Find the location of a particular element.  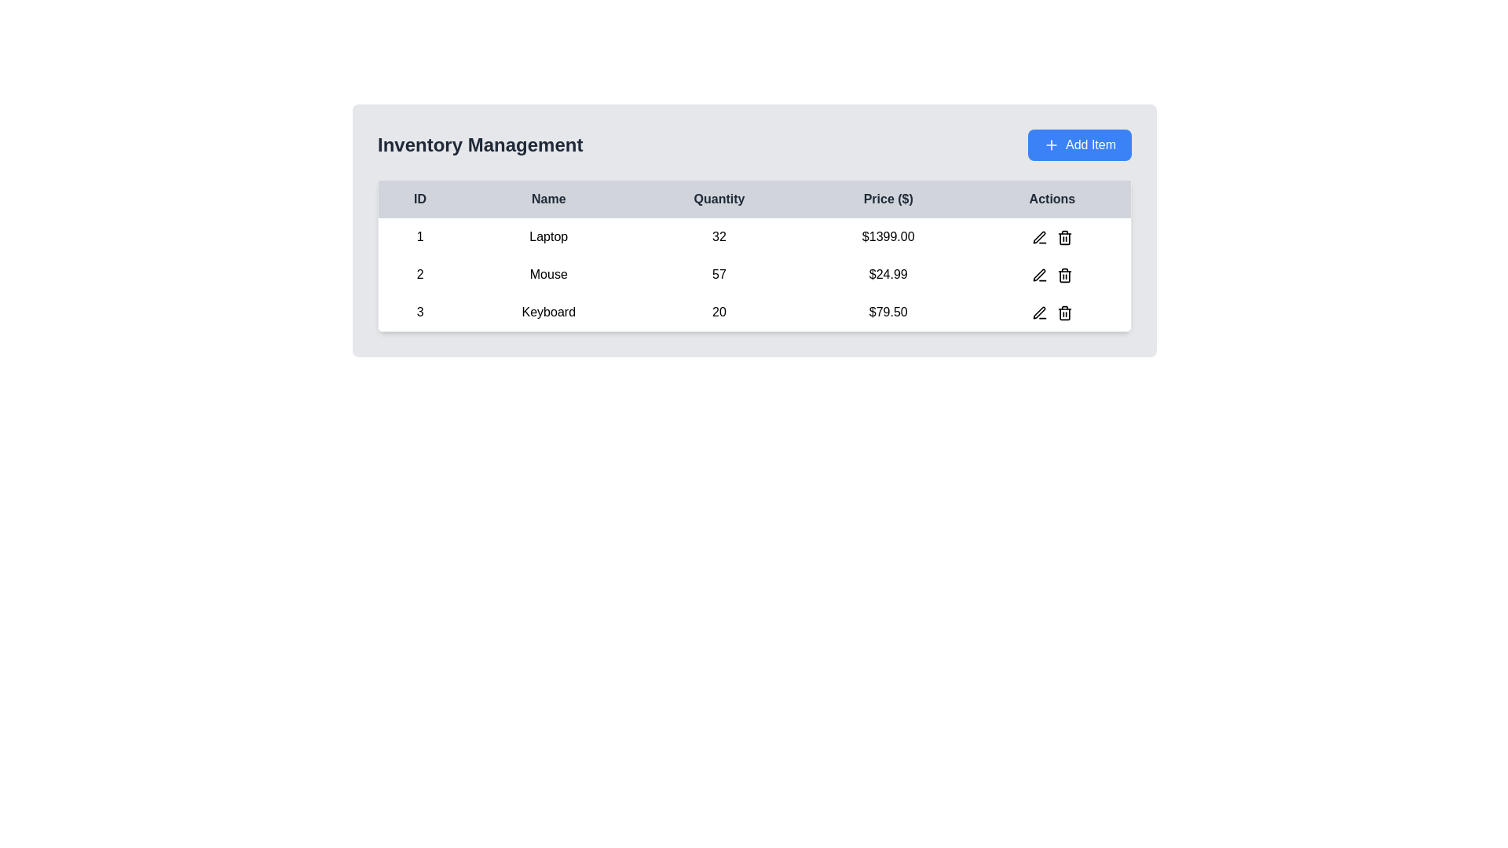

the 'Add Item' button located in the upper-right corner of the inventory management interface, which contains a small plus sign icon styled with clean lines and a rounded stroke is located at coordinates (1052, 145).